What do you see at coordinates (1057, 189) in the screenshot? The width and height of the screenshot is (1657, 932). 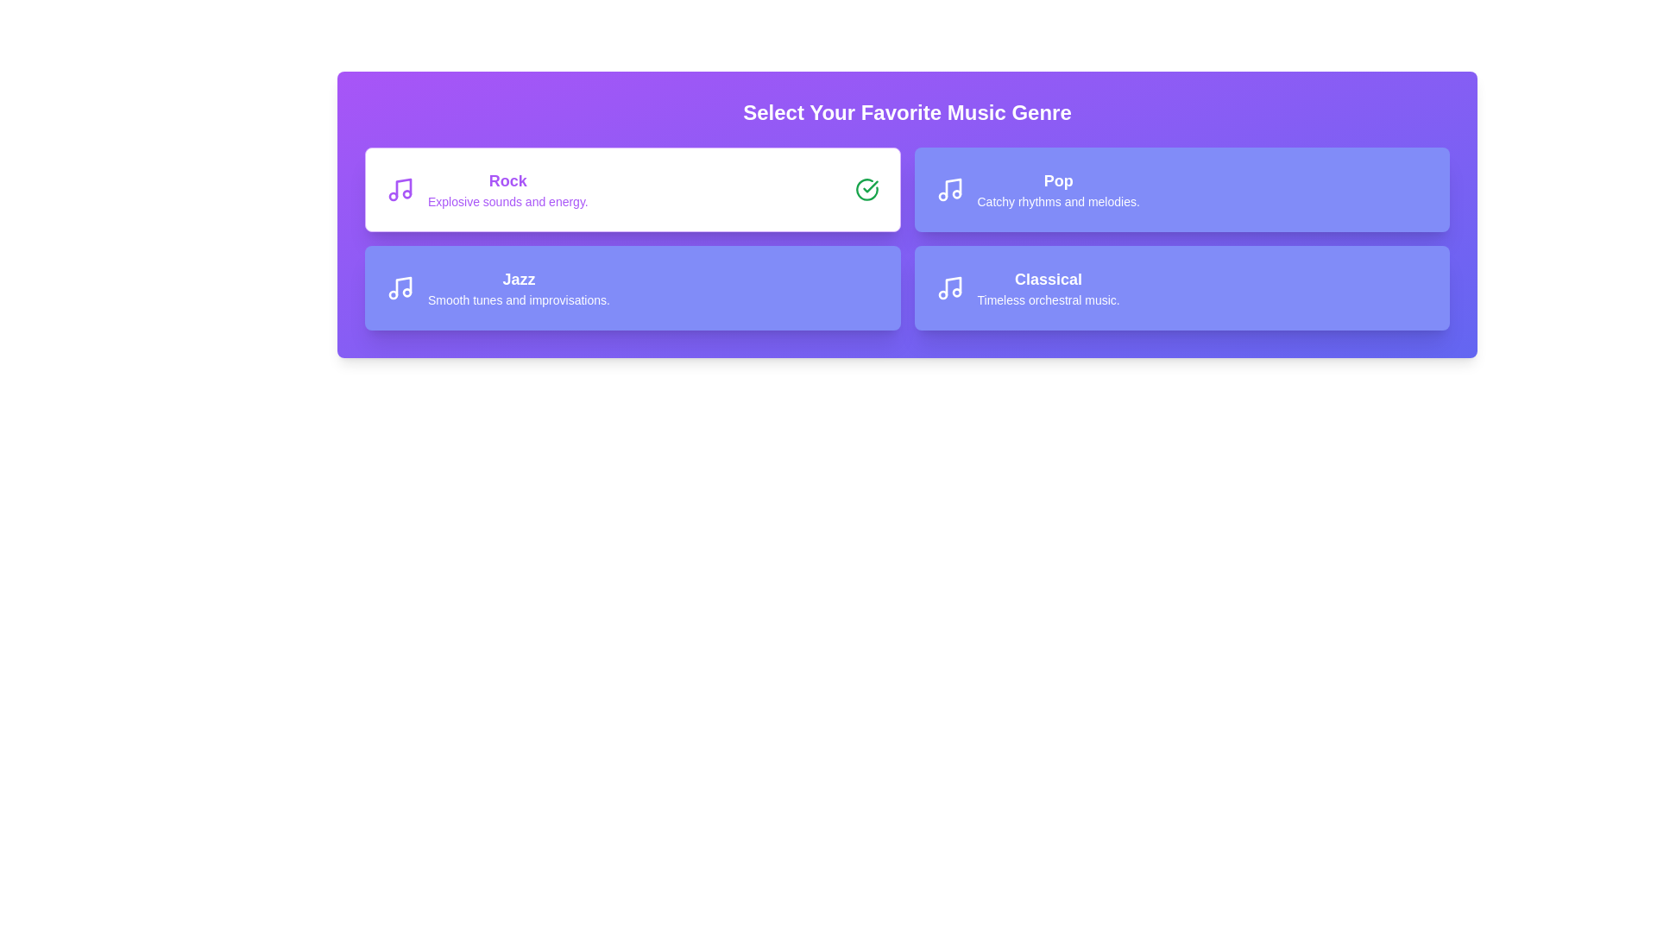 I see `the text block displaying the title 'Pop' and description 'Catchy rhythms and melodies.'` at bounding box center [1057, 189].